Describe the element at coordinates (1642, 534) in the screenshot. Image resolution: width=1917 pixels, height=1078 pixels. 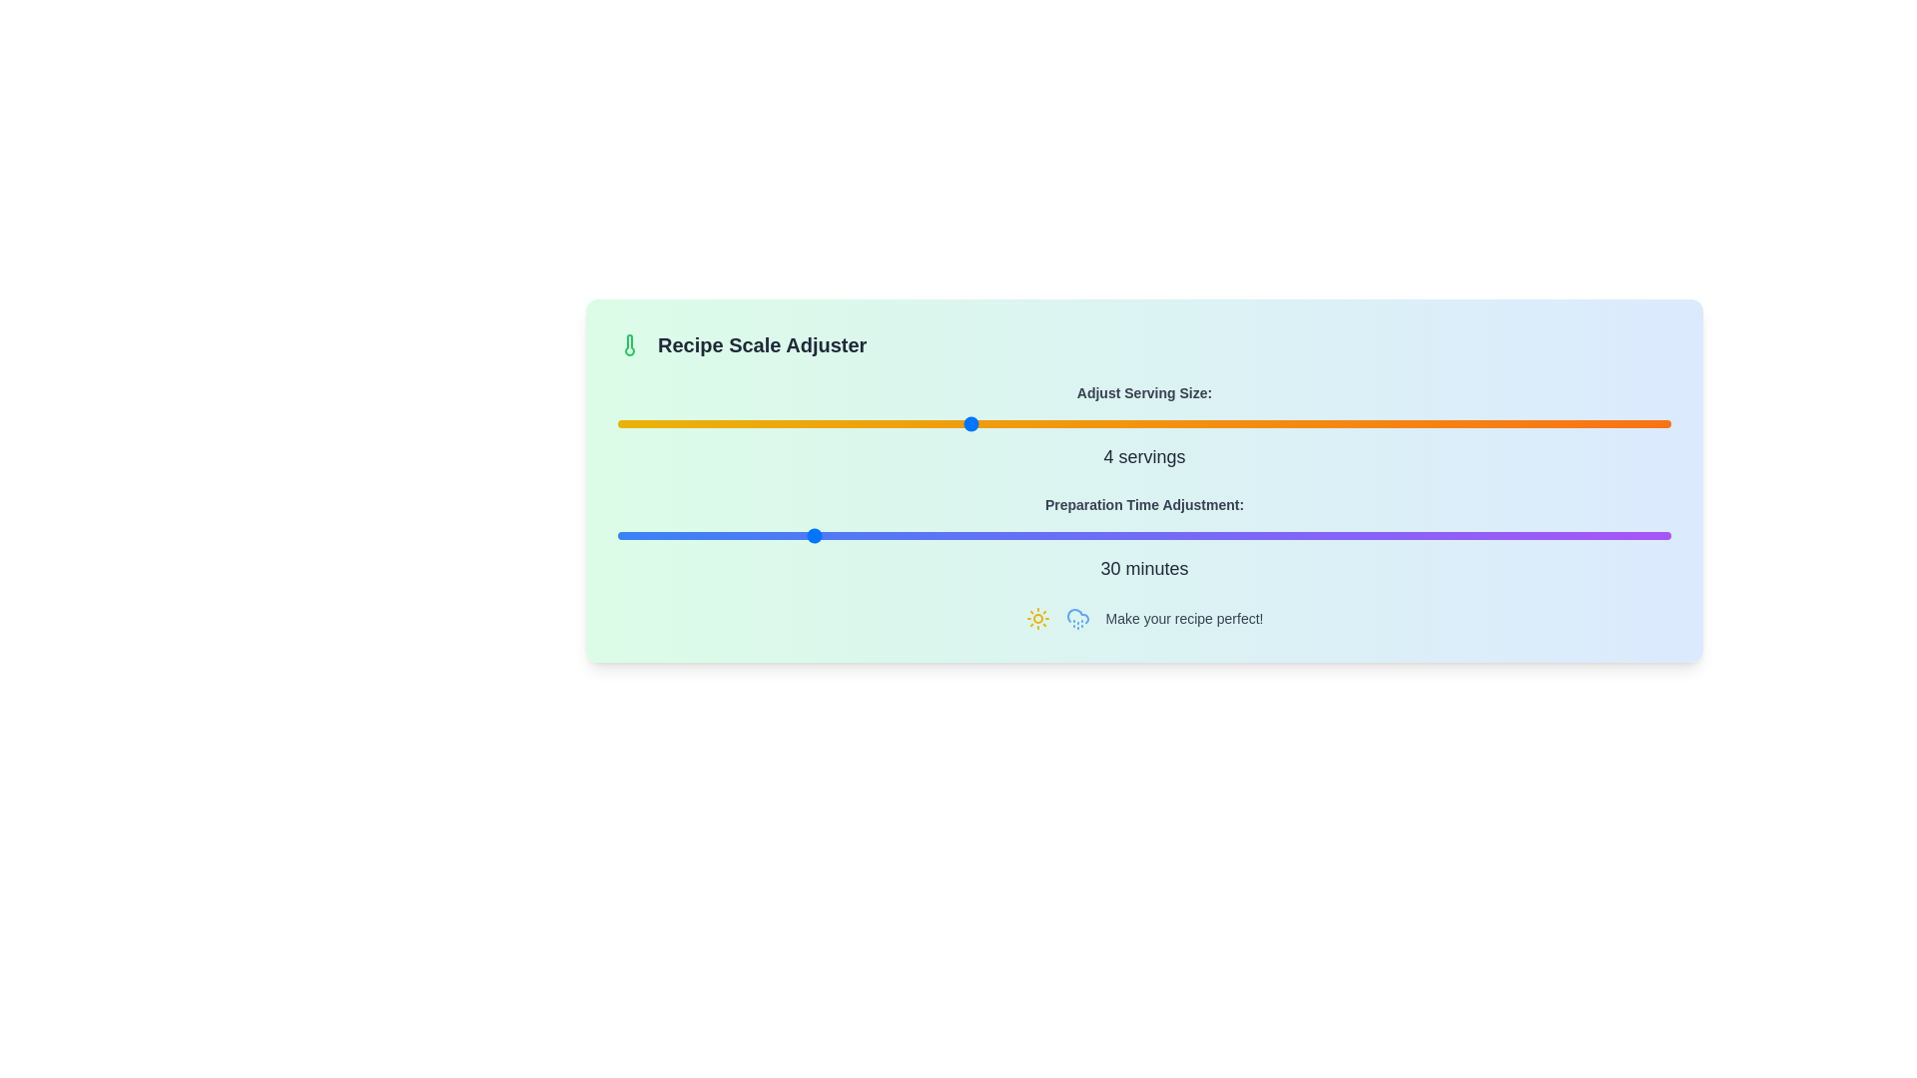
I see `preparation time adjustment` at that location.